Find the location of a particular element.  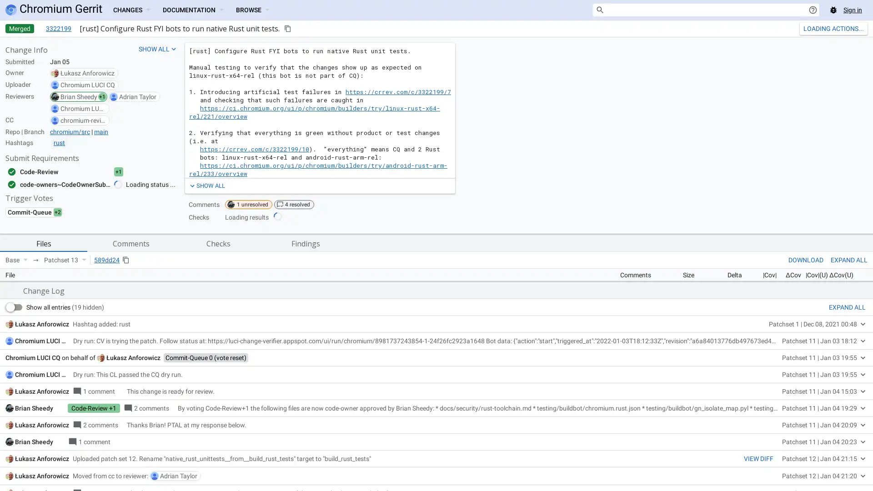

Click to copy to clipboard is located at coordinates (125, 260).